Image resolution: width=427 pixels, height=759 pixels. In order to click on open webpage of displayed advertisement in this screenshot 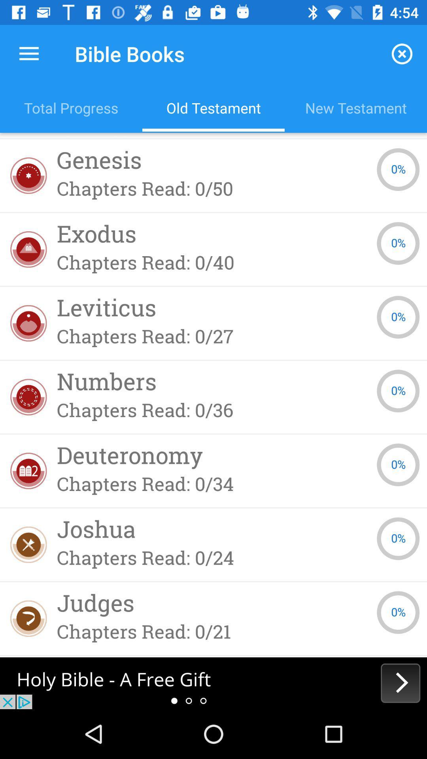, I will do `click(213, 683)`.